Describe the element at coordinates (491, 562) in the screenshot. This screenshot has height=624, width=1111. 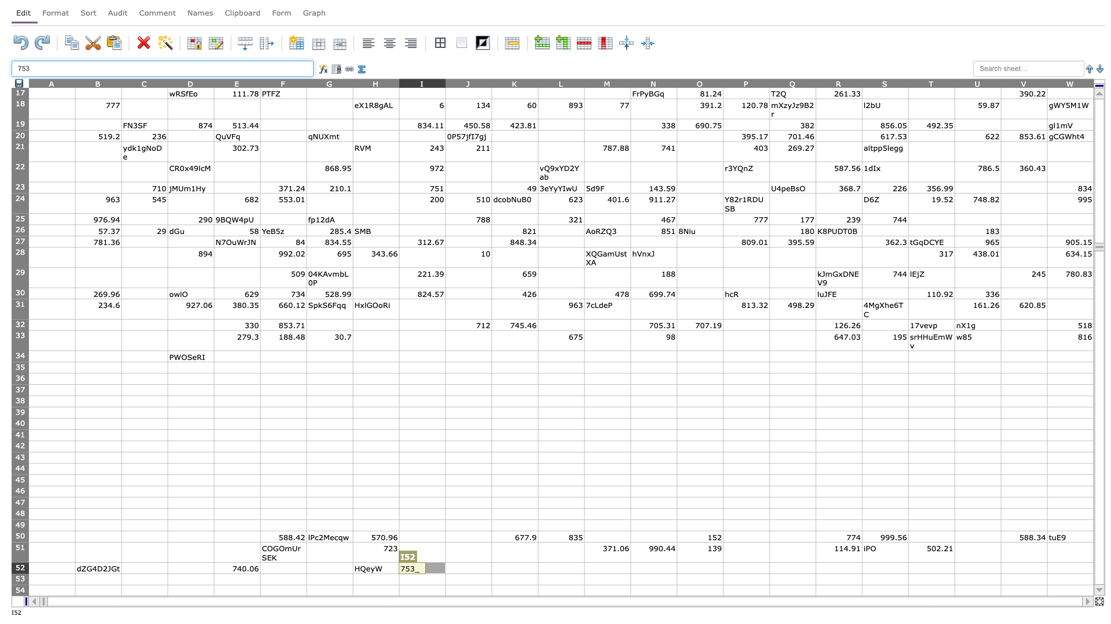
I see `Top left corner of K-52` at that location.